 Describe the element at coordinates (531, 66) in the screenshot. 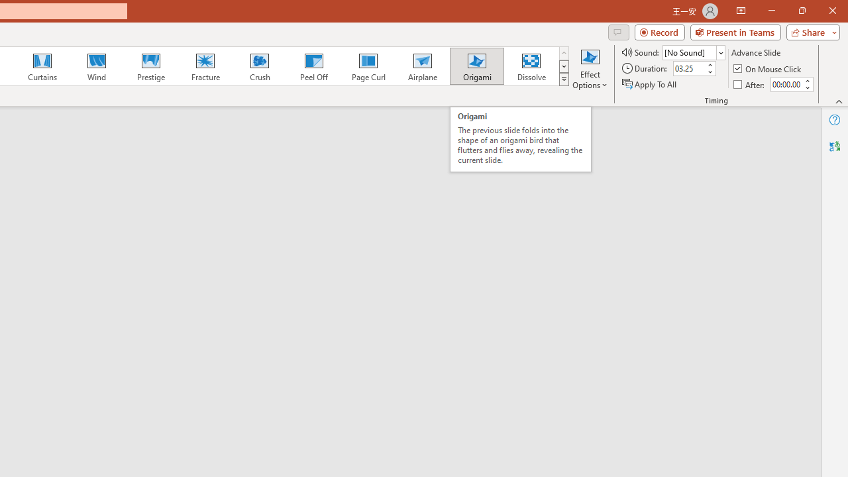

I see `'Dissolve'` at that location.